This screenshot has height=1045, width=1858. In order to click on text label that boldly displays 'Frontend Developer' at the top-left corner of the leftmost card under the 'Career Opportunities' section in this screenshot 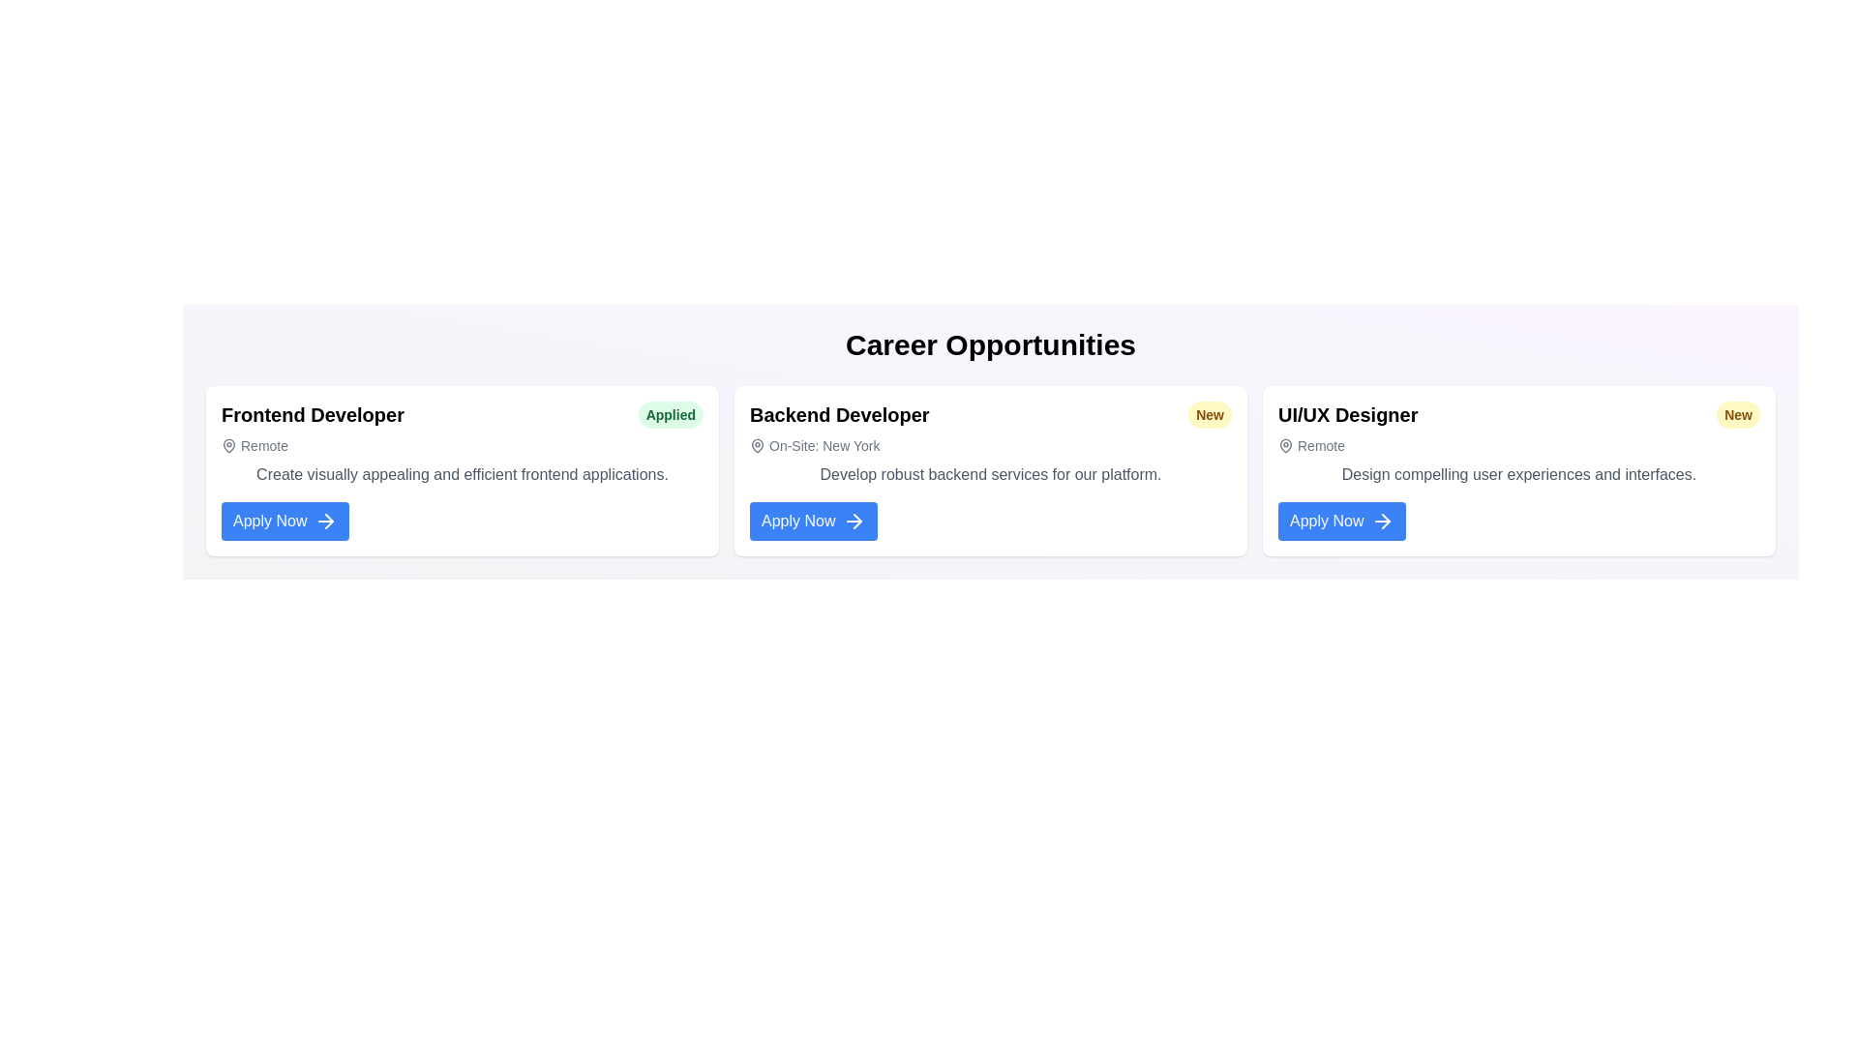, I will do `click(313, 413)`.